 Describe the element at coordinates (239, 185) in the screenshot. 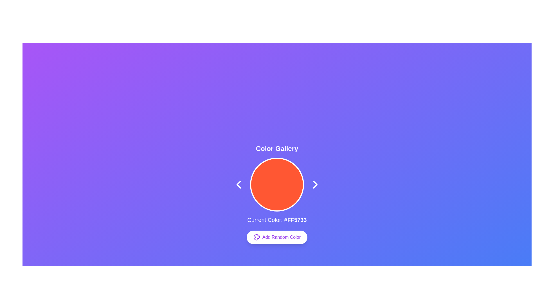

I see `the left-pointing chevron icon, which is styled with a white color on a purple background and is located on the left side of a circular color display` at that location.